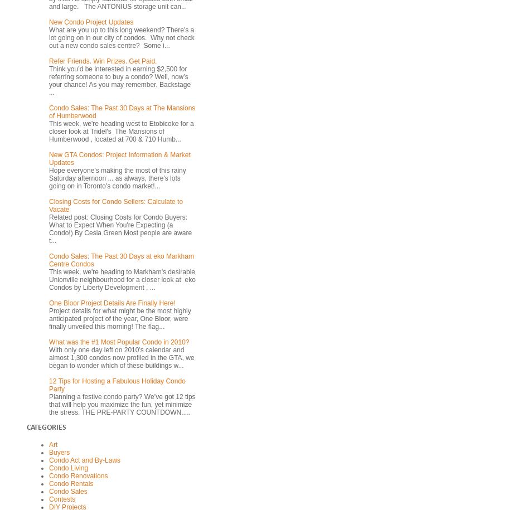  What do you see at coordinates (49, 80) in the screenshot?
I see `'Think you’d be interested in earning $2,500 for referring someone to buy a condo? Well, now’s your chance!  As you may remember, Backstage ...'` at bounding box center [49, 80].